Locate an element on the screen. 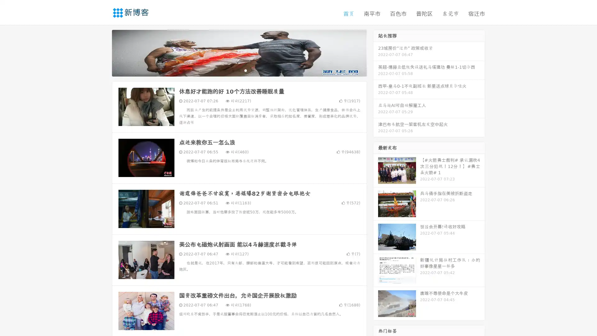 This screenshot has height=336, width=597. Go to slide 3 is located at coordinates (245, 70).